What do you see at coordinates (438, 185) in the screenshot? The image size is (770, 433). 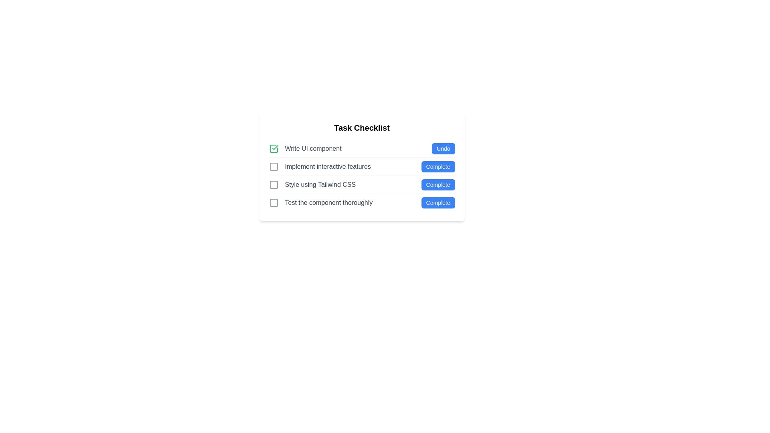 I see `the blue 'Complete' button with white text, located at the far right of the third row in the checklist interface` at bounding box center [438, 185].